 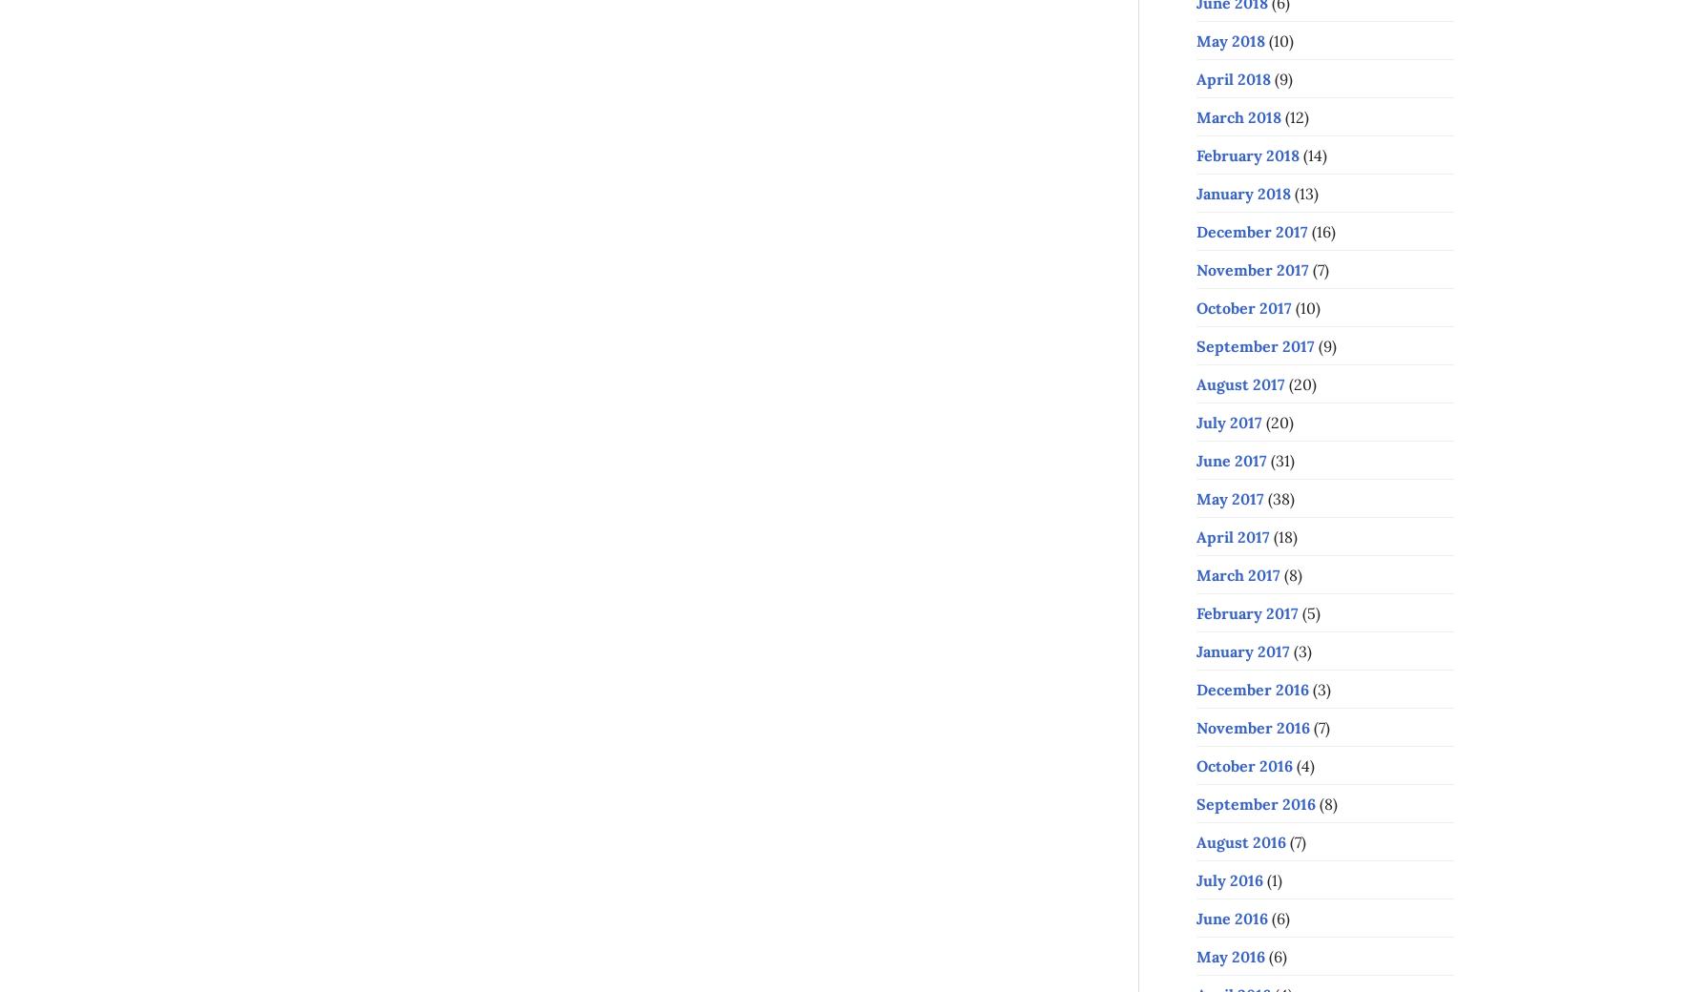 What do you see at coordinates (1254, 344) in the screenshot?
I see `'September 2017'` at bounding box center [1254, 344].